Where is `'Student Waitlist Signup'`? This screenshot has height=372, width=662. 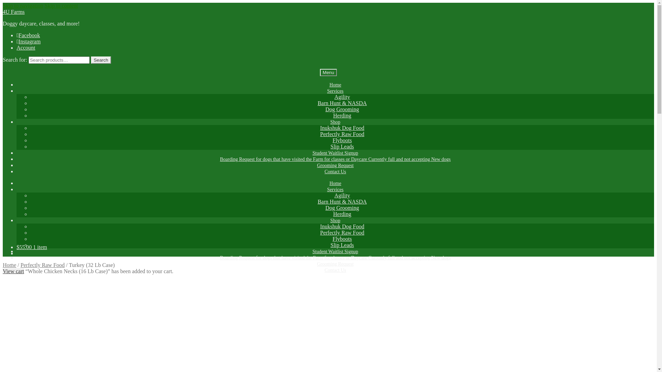 'Student Waitlist Signup' is located at coordinates (335, 251).